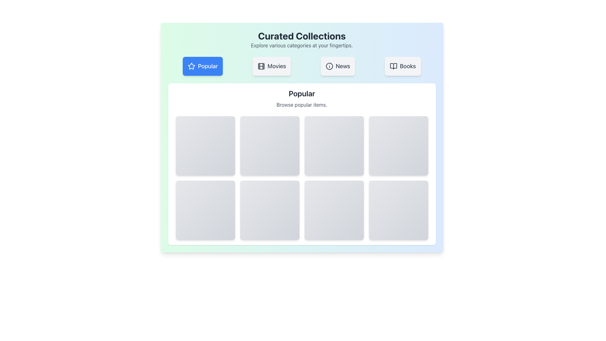 This screenshot has width=606, height=341. Describe the element at coordinates (398, 210) in the screenshot. I see `the Decorative Tile located in the bottom-right corner of the grid layout, which is in the fourth column of the second row` at that location.